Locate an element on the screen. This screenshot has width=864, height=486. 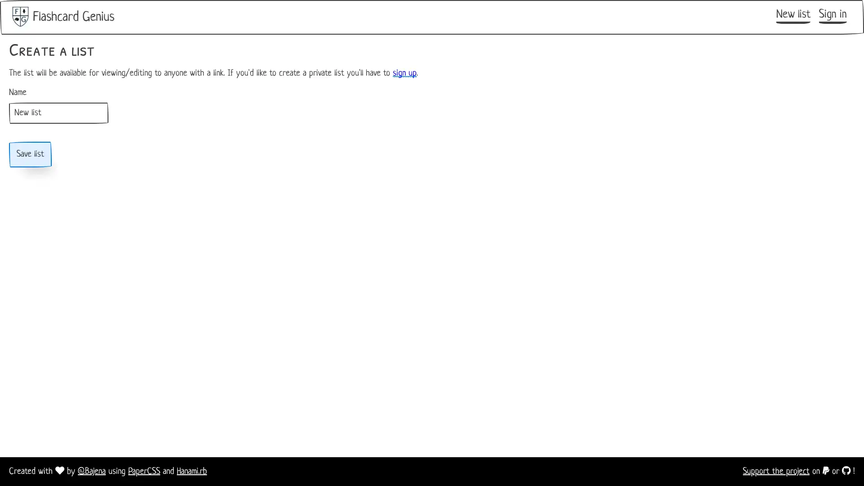
Save list is located at coordinates (30, 154).